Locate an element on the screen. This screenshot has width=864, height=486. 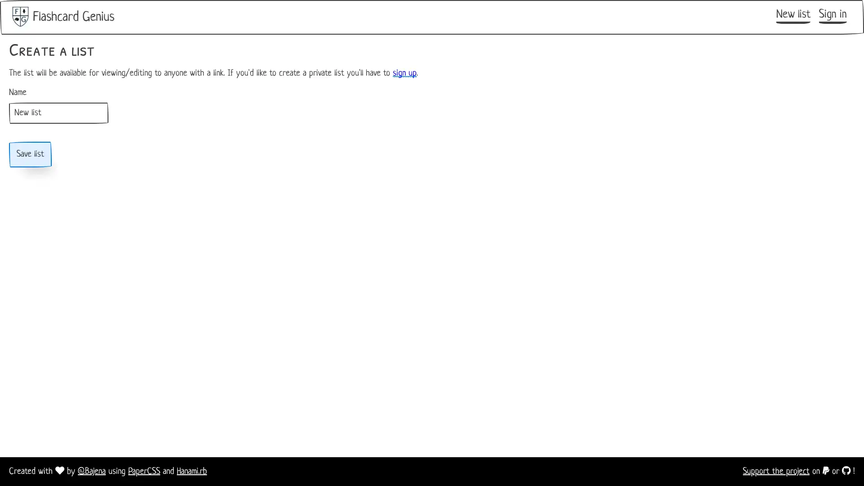
Save list is located at coordinates (30, 154).